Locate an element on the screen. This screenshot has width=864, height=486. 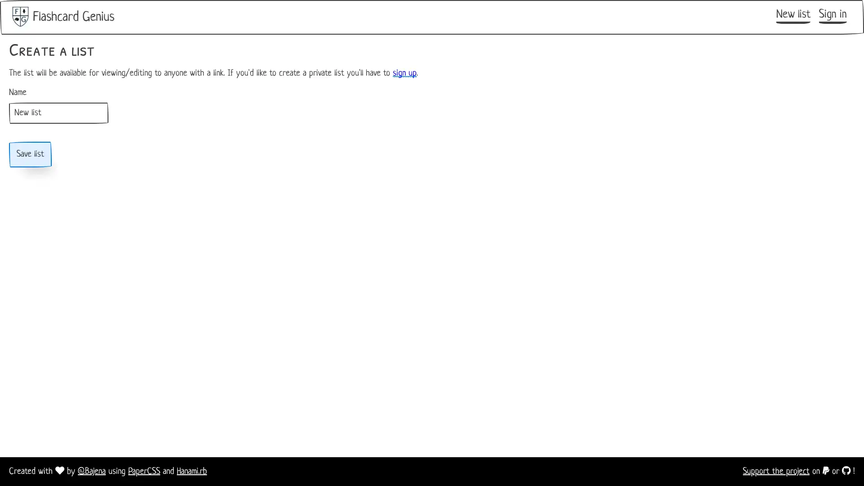
Save list is located at coordinates (30, 154).